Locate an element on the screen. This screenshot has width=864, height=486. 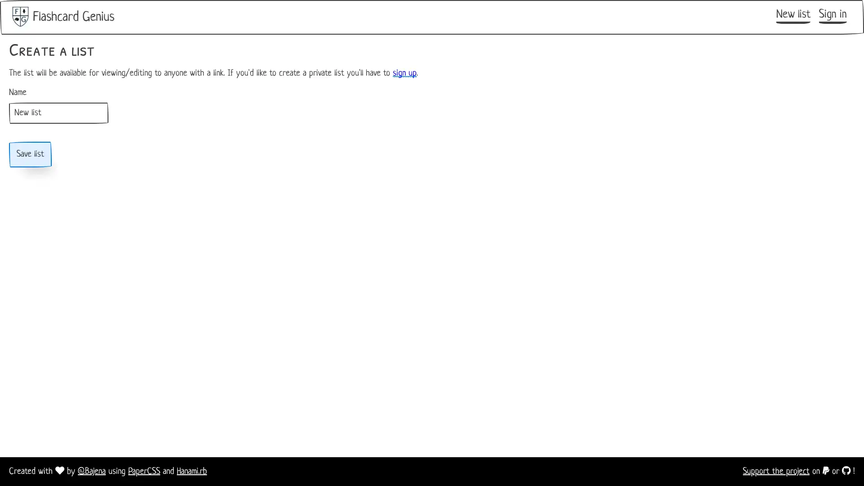
Save list is located at coordinates (30, 154).